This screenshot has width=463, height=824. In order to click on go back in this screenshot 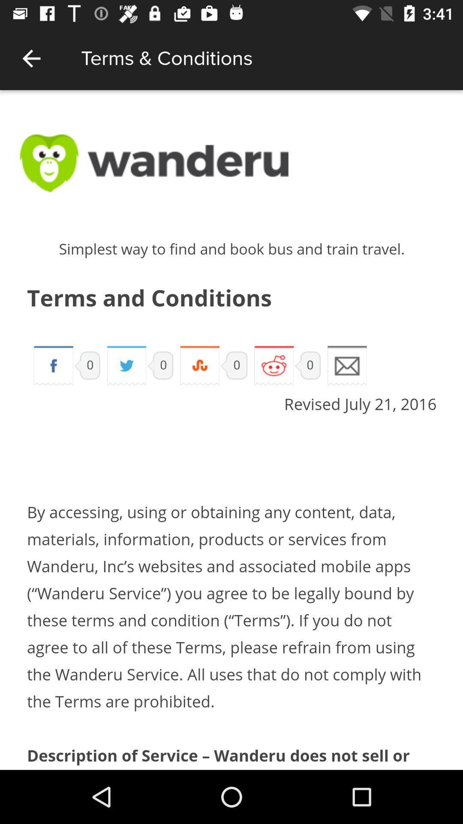, I will do `click(31, 58)`.